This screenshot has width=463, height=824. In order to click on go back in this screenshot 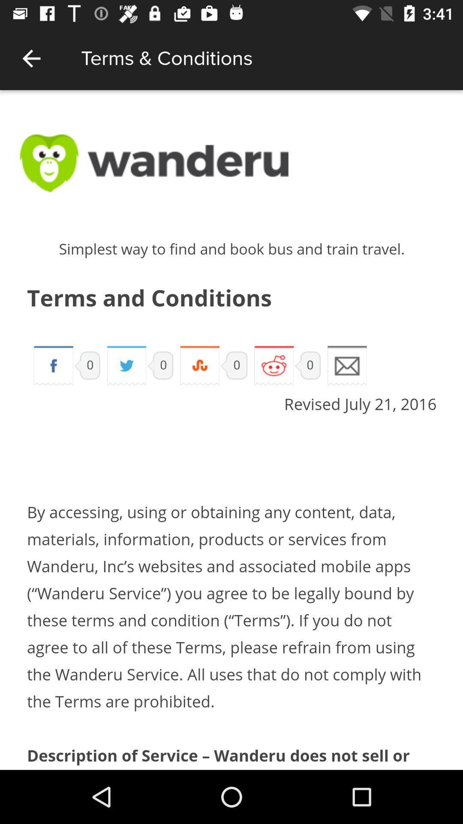, I will do `click(31, 58)`.